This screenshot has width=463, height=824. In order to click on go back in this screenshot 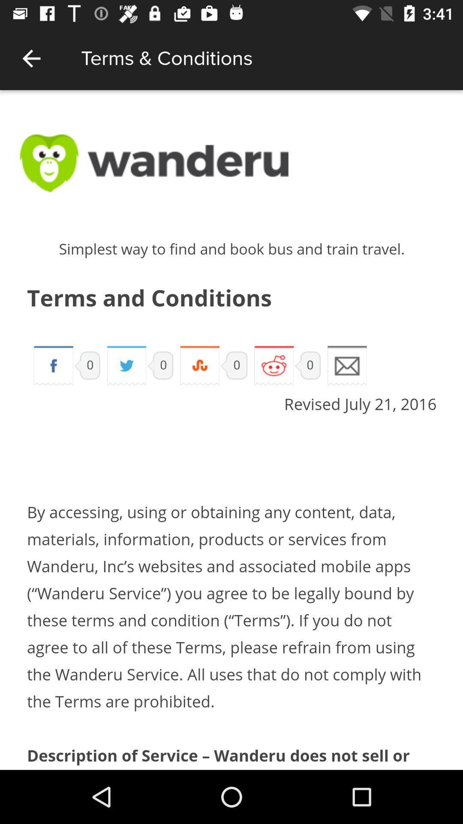, I will do `click(31, 58)`.